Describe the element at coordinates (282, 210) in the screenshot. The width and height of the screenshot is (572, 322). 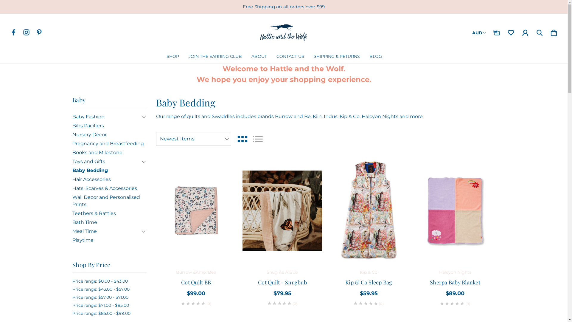
I see `'Cot Quilt - Snugbub'` at that location.